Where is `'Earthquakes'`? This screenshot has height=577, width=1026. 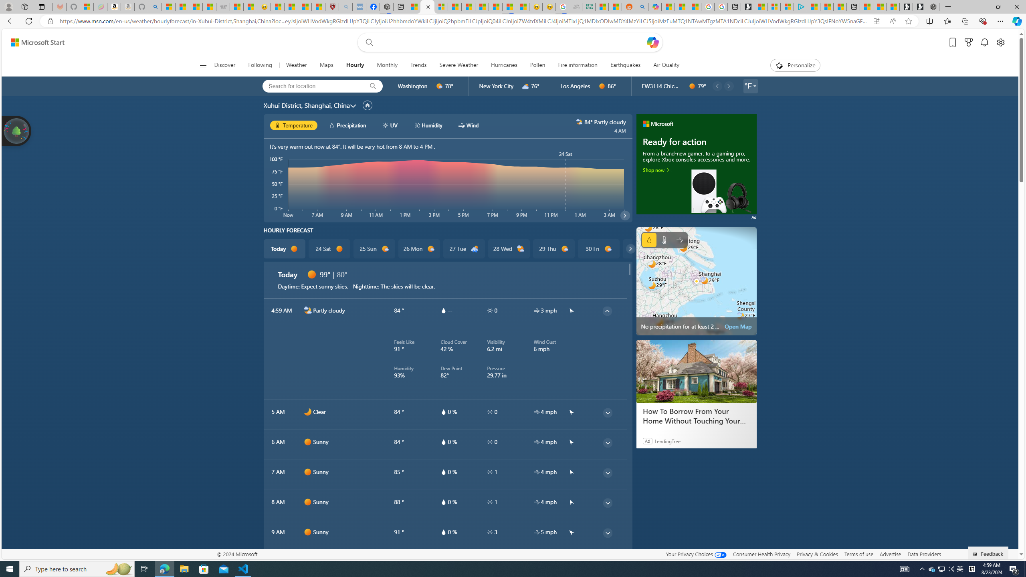
'Earthquakes' is located at coordinates (625, 65).